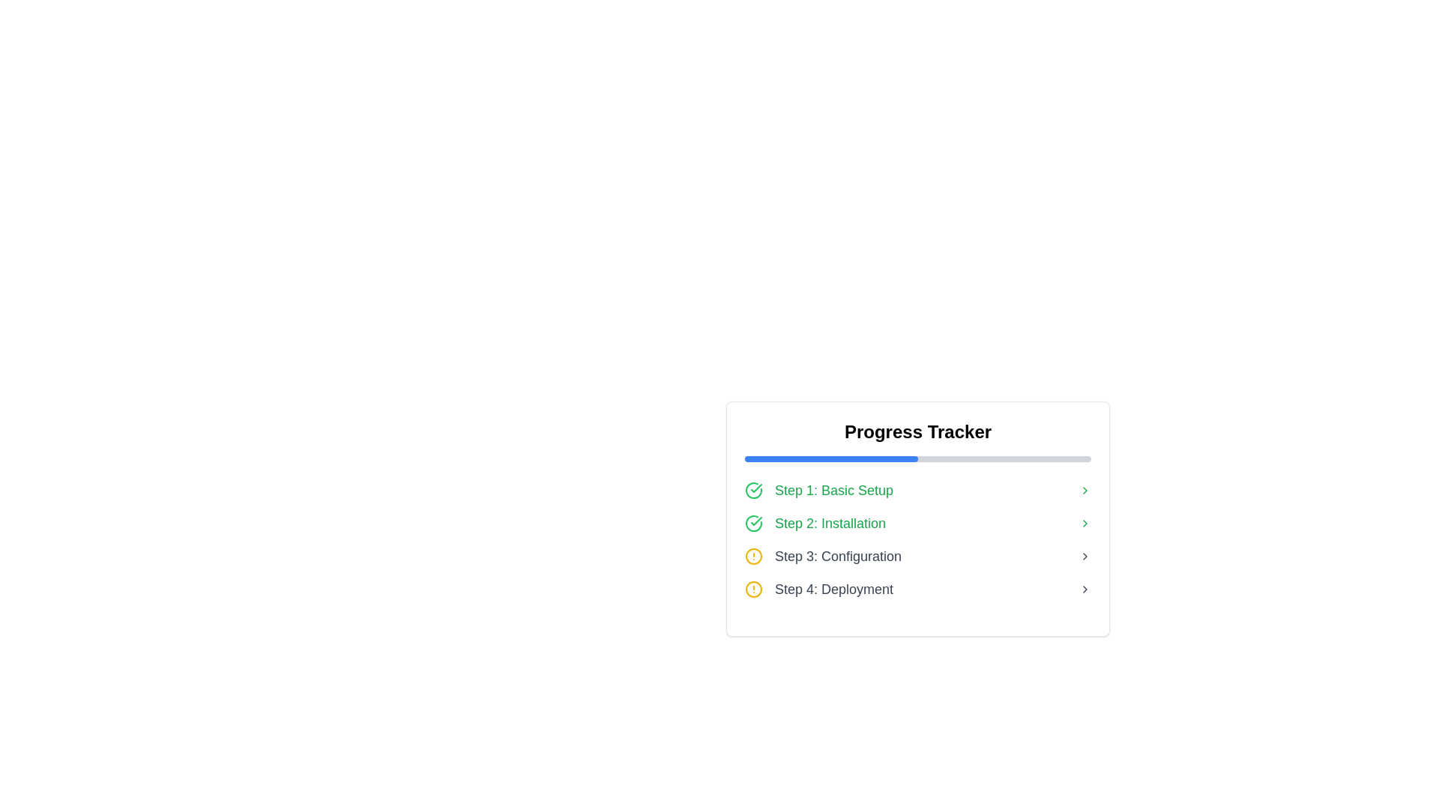 The height and width of the screenshot is (809, 1439). I want to click on the yellow circular icon with an exclamation mark located next to the text 'Step 3: Configuration' in the progress tracker, so click(754, 557).